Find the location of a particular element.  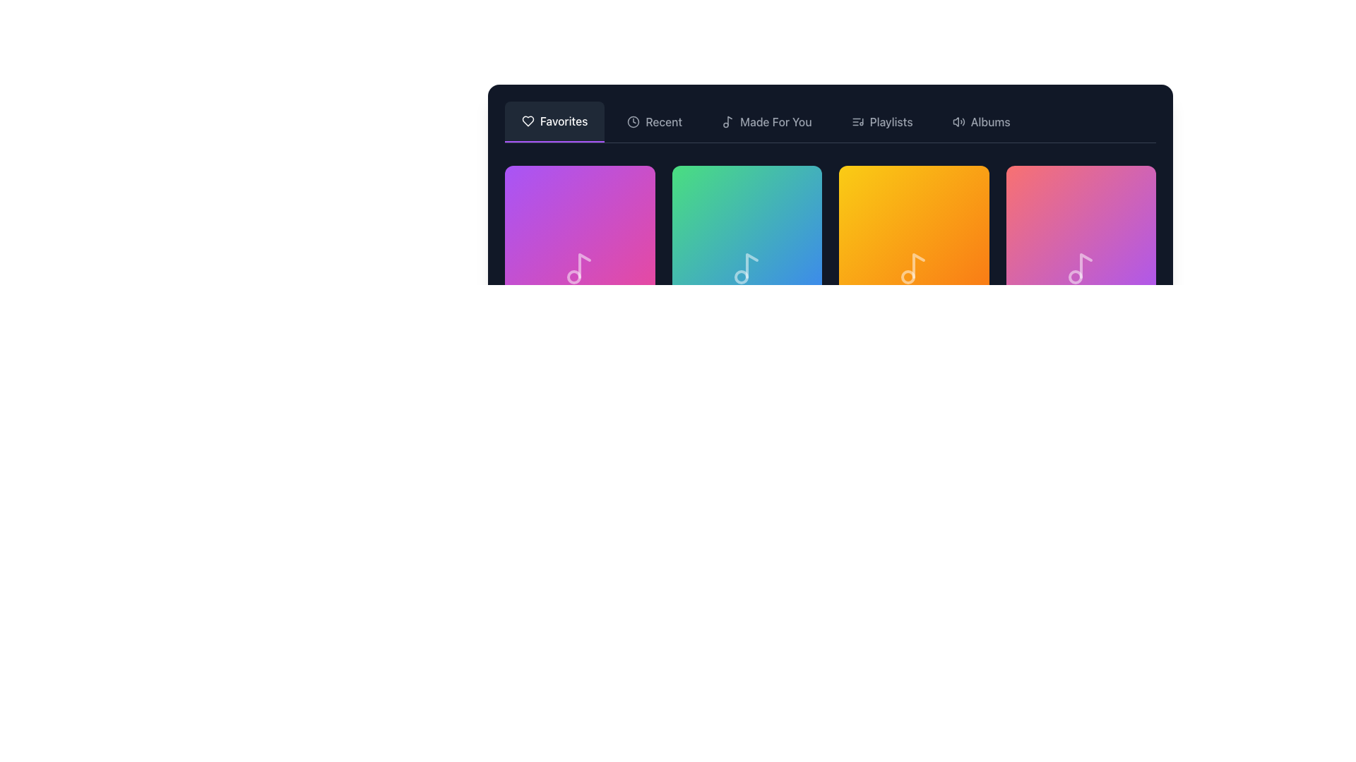

the minimalist musical note icon adjacent to the 'Made For You' text, which is the first component in the button group is located at coordinates (728, 121).